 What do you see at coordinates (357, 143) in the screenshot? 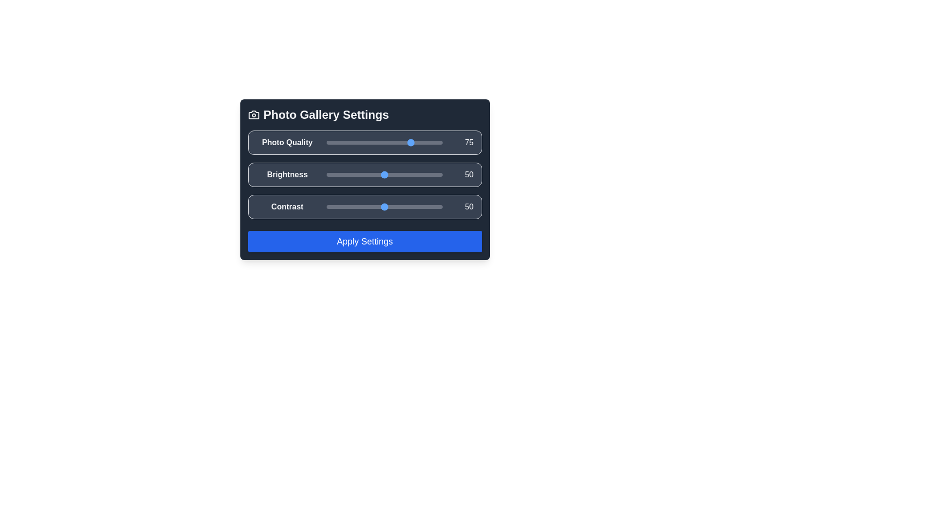
I see `the photo quality` at bounding box center [357, 143].